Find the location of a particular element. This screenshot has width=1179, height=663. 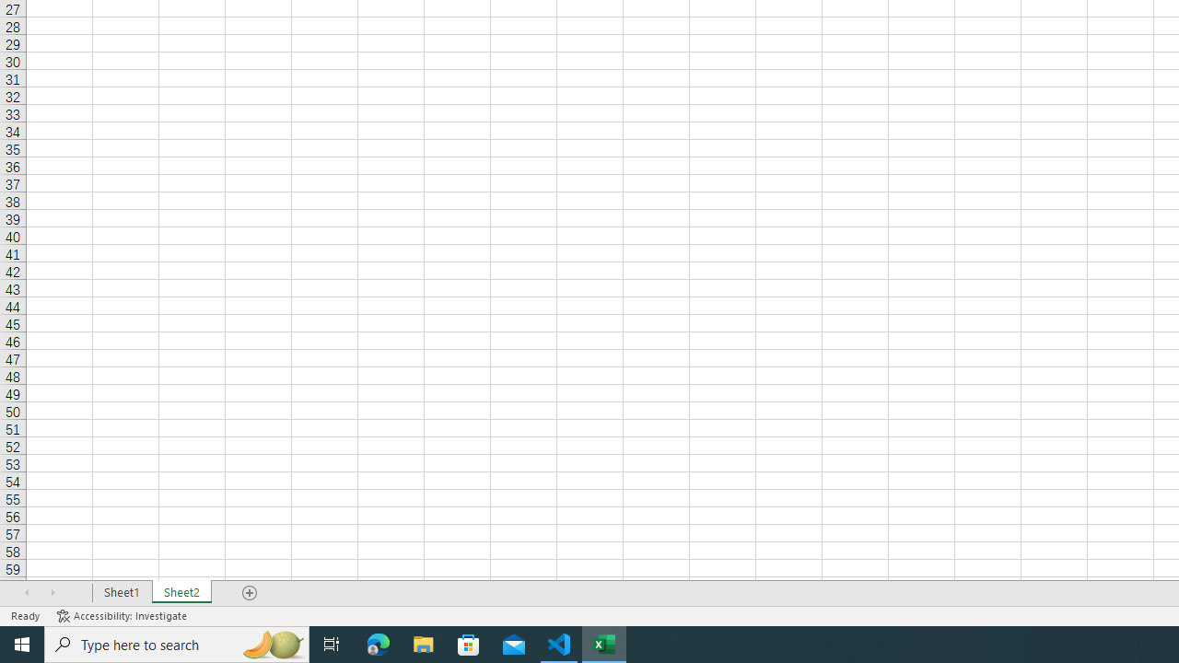

'Add Sheet' is located at coordinates (250, 593).